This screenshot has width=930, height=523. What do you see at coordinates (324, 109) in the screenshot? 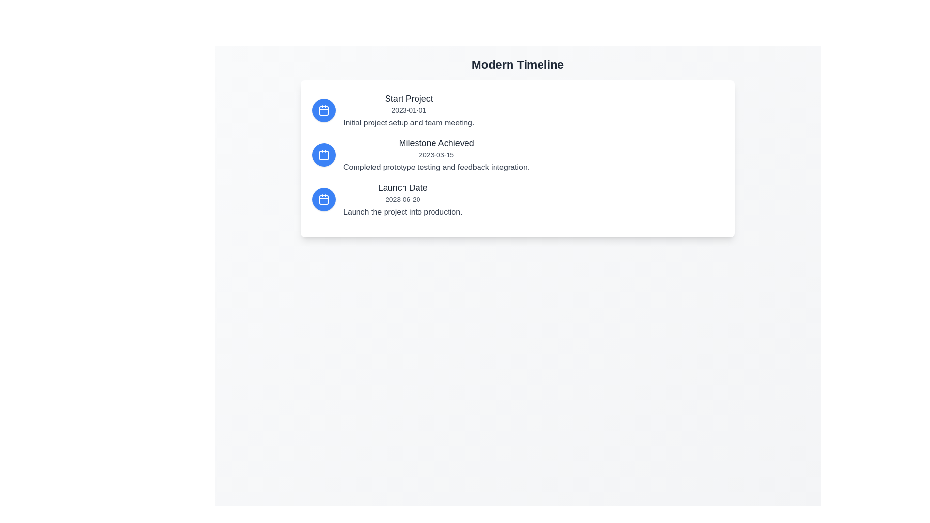
I see `the calendar icon, which is characterized by its rounded design, outlined strokes, and rectangular base, located within a blue circular button at the top of a vertical sequence of similar icons, to understand its association with the timeline events` at bounding box center [324, 109].